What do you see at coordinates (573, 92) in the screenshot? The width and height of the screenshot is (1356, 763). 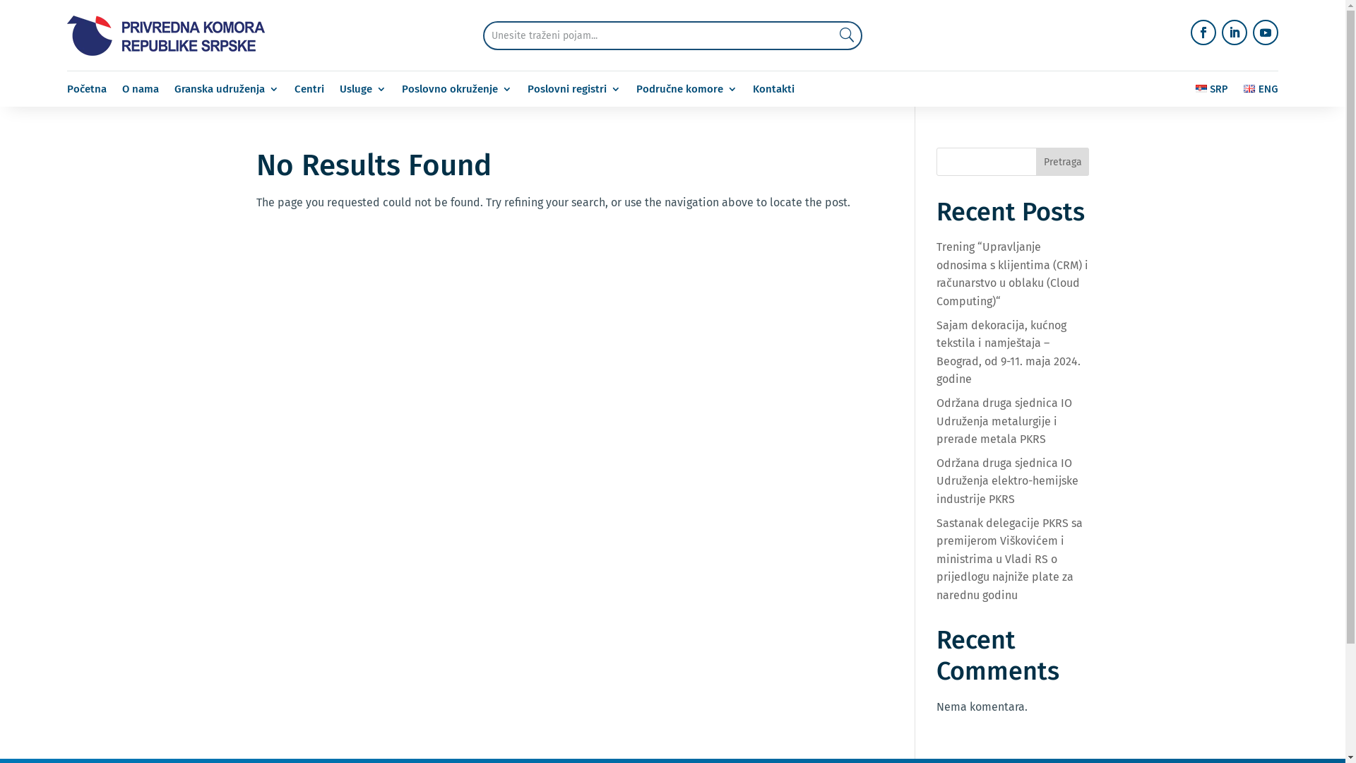 I see `'Poslovni registri'` at bounding box center [573, 92].